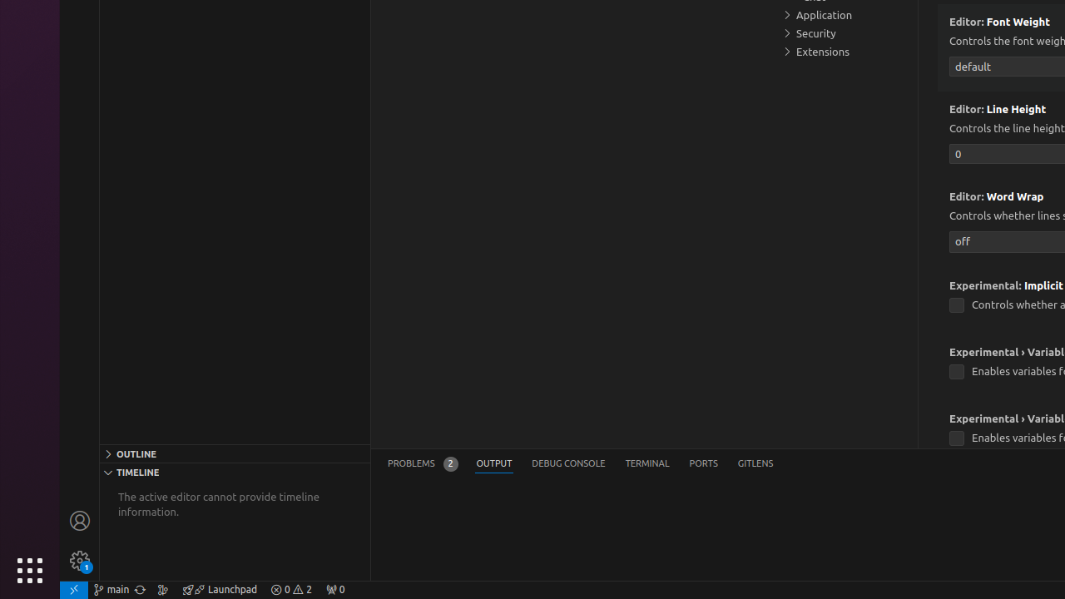 The image size is (1065, 599). I want to click on 'chat.experimental.variables.notebook', so click(956, 438).